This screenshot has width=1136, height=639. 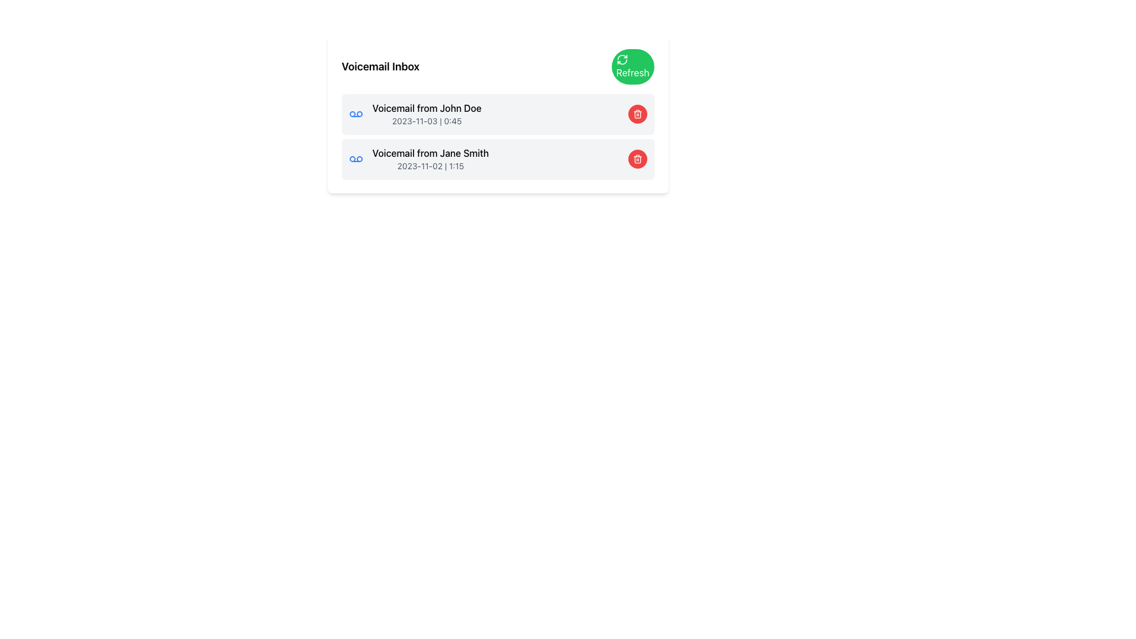 What do you see at coordinates (621, 59) in the screenshot?
I see `the refresh icon, which is a small circular icon with circular arrows, located at the center of the green circular button labeled 'Refresh' in the top-right corner of the voicemail inbox card` at bounding box center [621, 59].